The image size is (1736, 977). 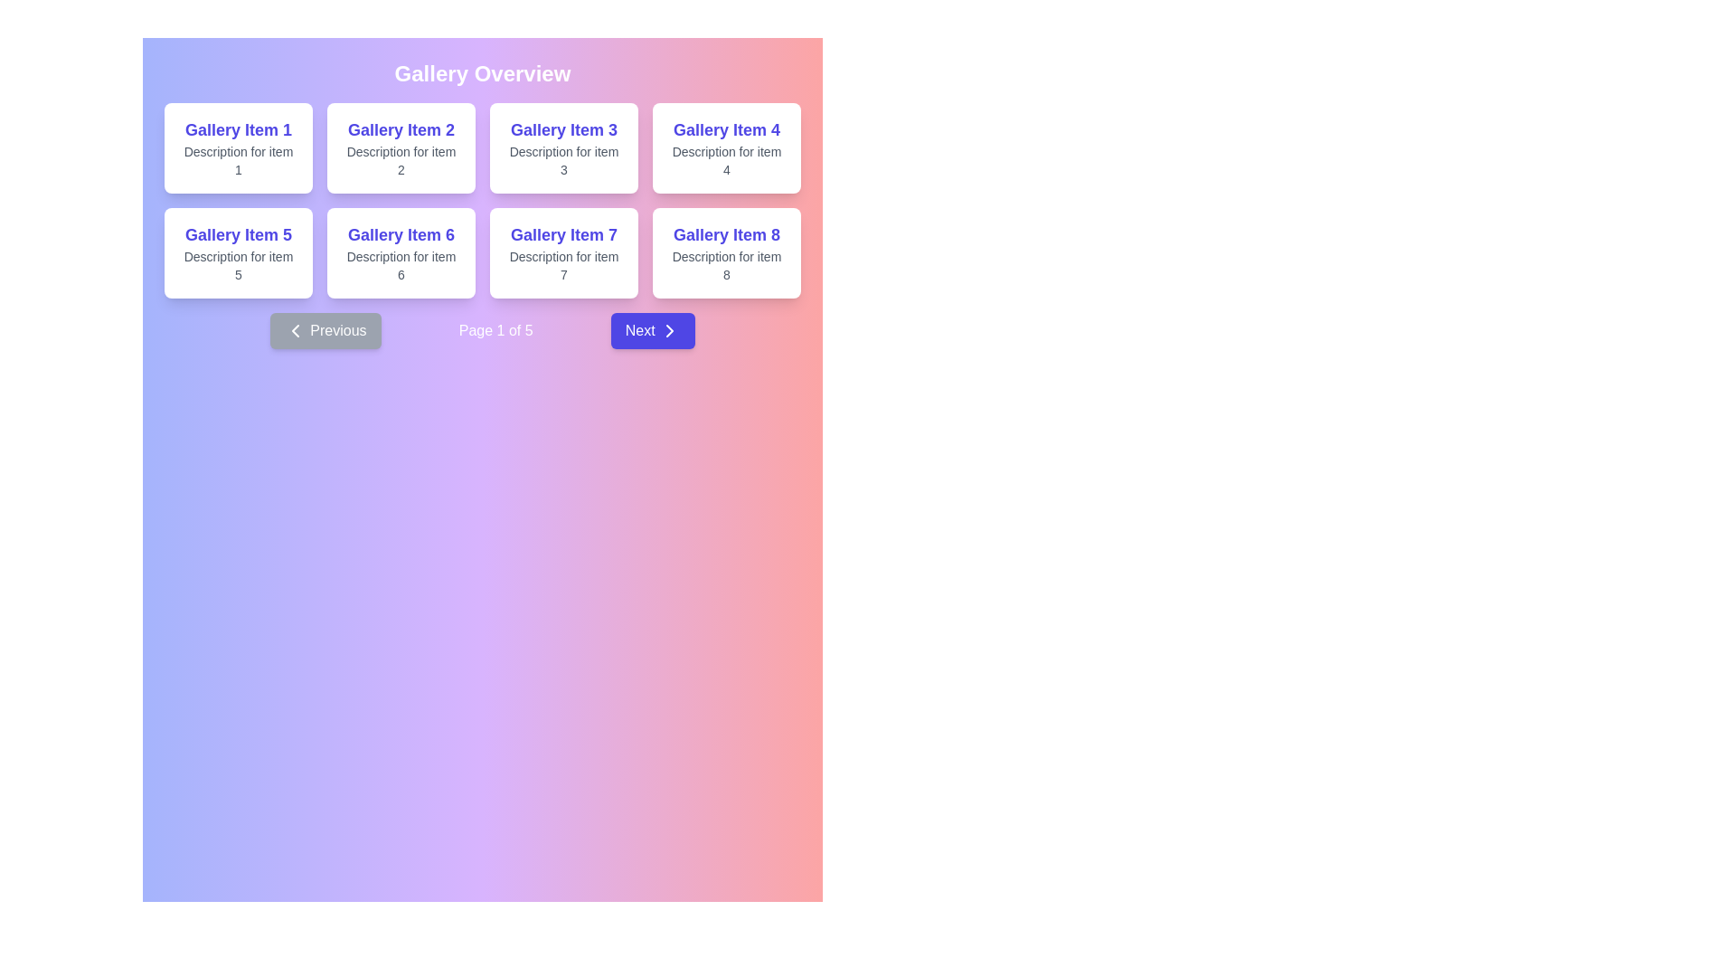 I want to click on the prominent static text label 'Gallery Item 5', so click(x=238, y=233).